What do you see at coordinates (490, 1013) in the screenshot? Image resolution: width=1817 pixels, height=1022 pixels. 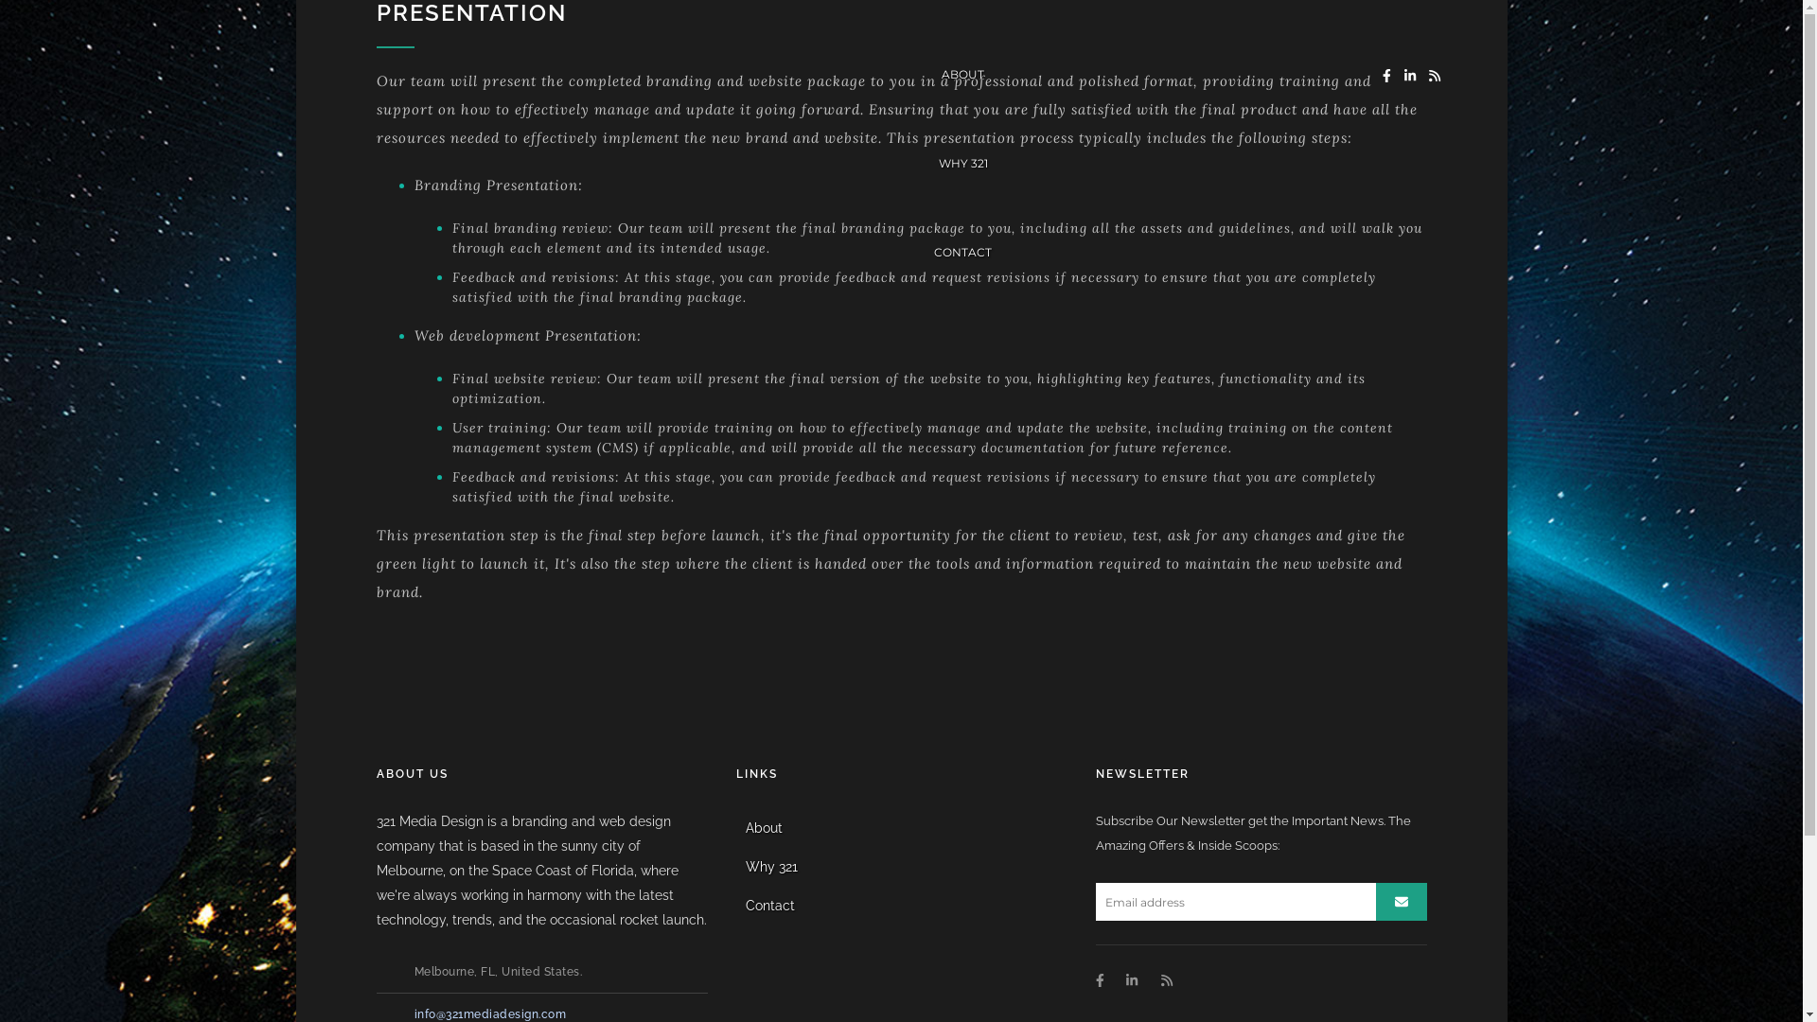 I see `'info@321mediadesign.com'` at bounding box center [490, 1013].